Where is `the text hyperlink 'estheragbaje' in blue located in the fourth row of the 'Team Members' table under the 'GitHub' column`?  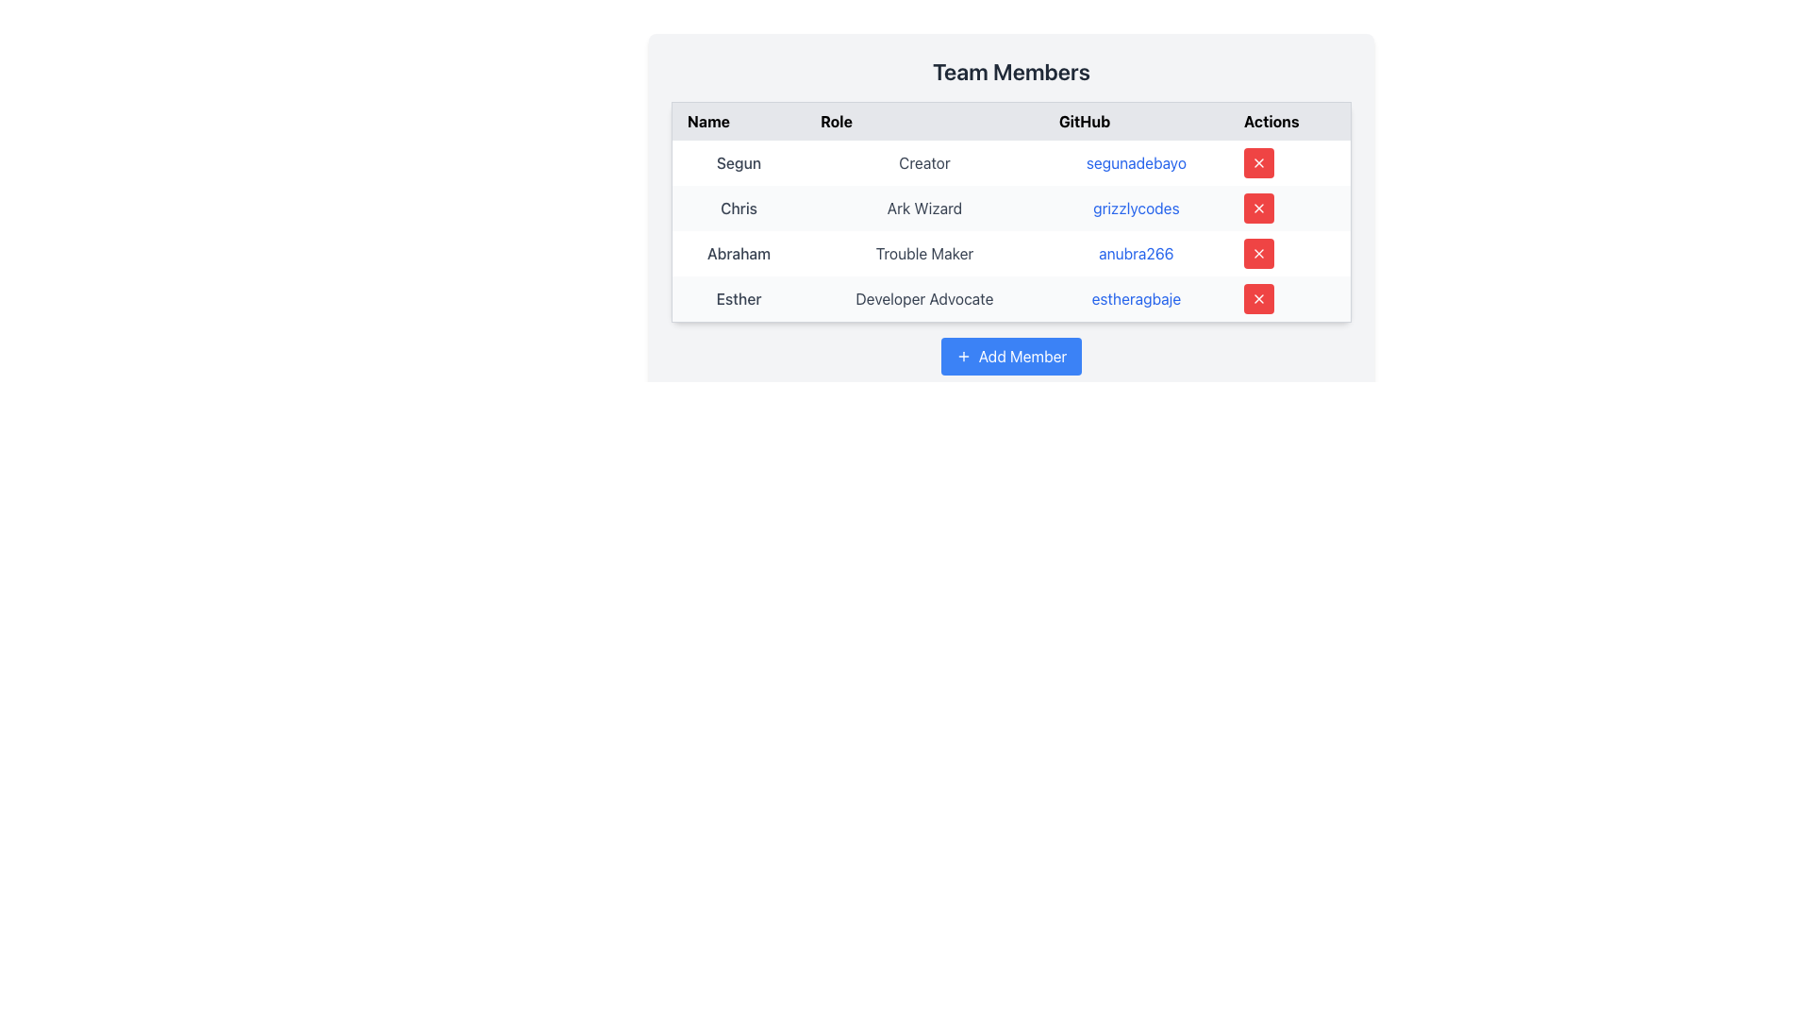 the text hyperlink 'estheragbaje' in blue located in the fourth row of the 'Team Members' table under the 'GitHub' column is located at coordinates (1135, 298).